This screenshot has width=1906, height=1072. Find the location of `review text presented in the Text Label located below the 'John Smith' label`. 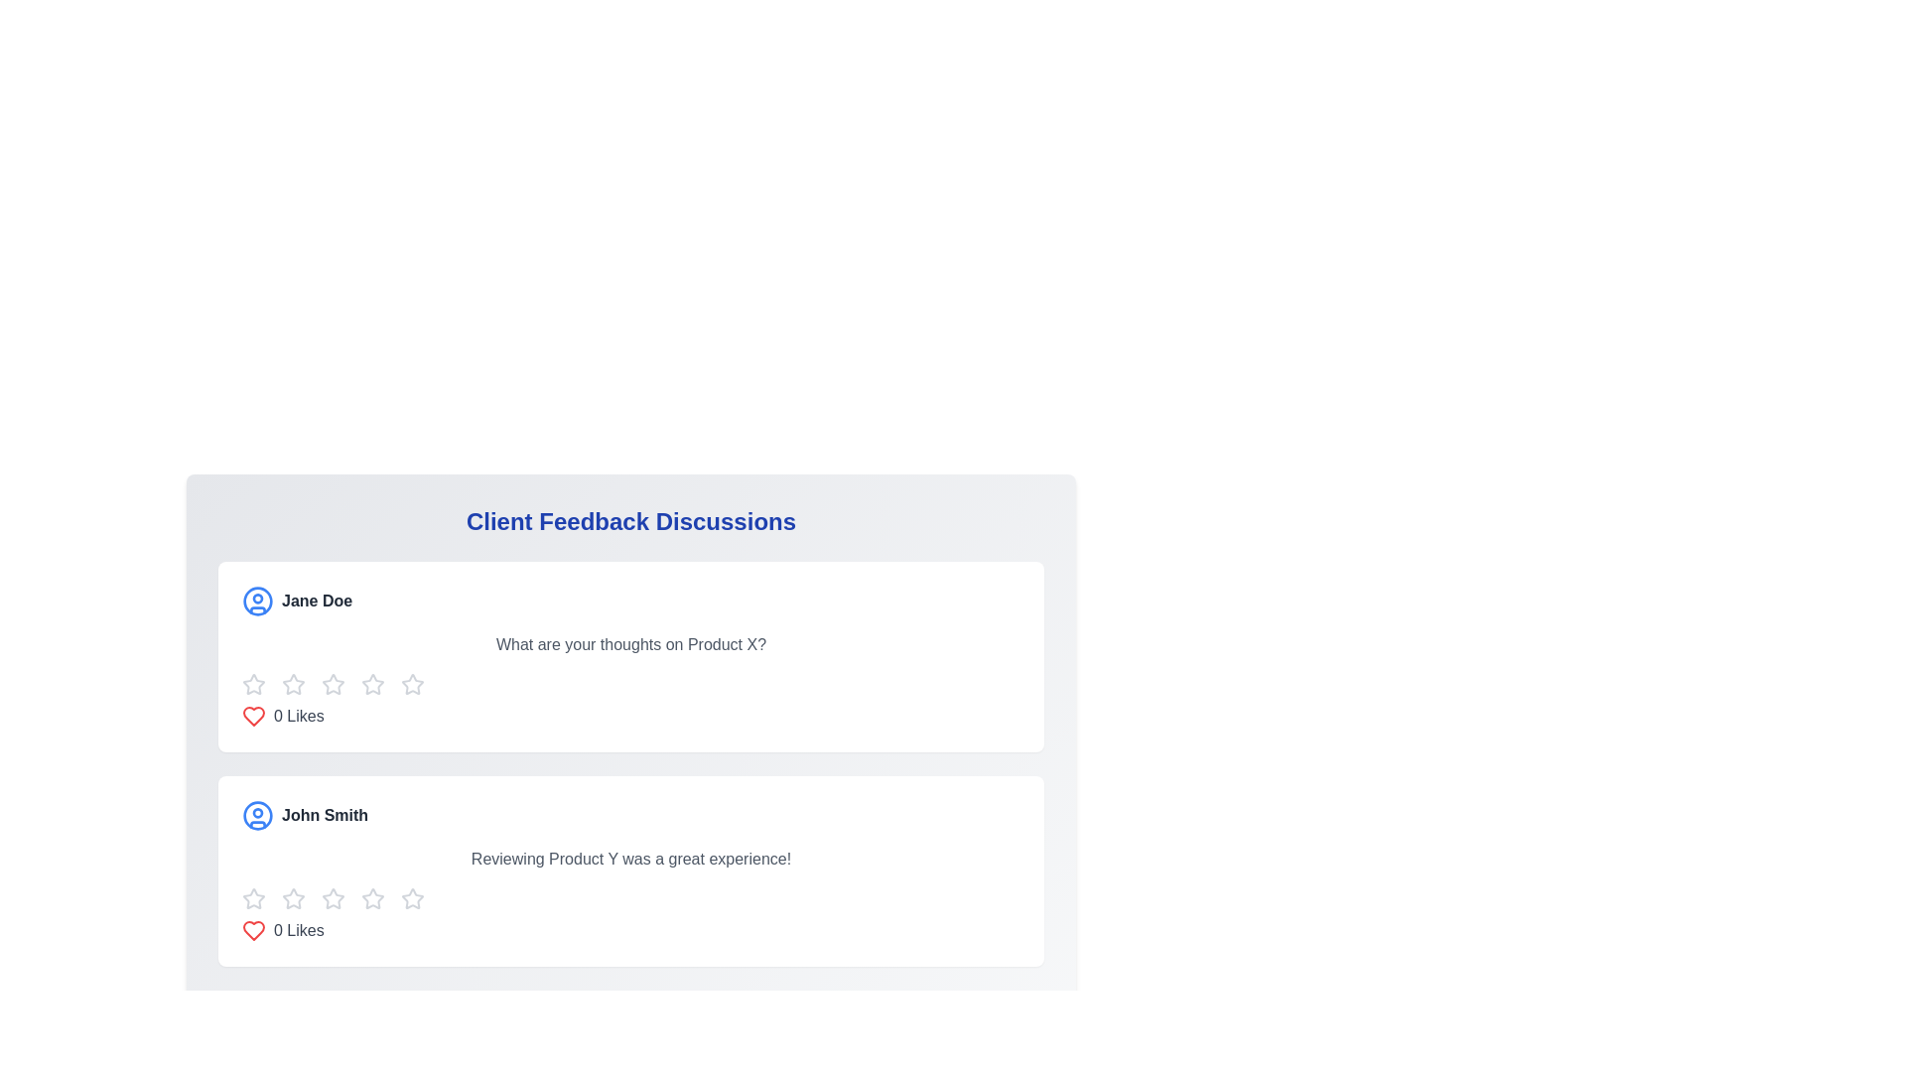

review text presented in the Text Label located below the 'John Smith' label is located at coordinates (629, 859).